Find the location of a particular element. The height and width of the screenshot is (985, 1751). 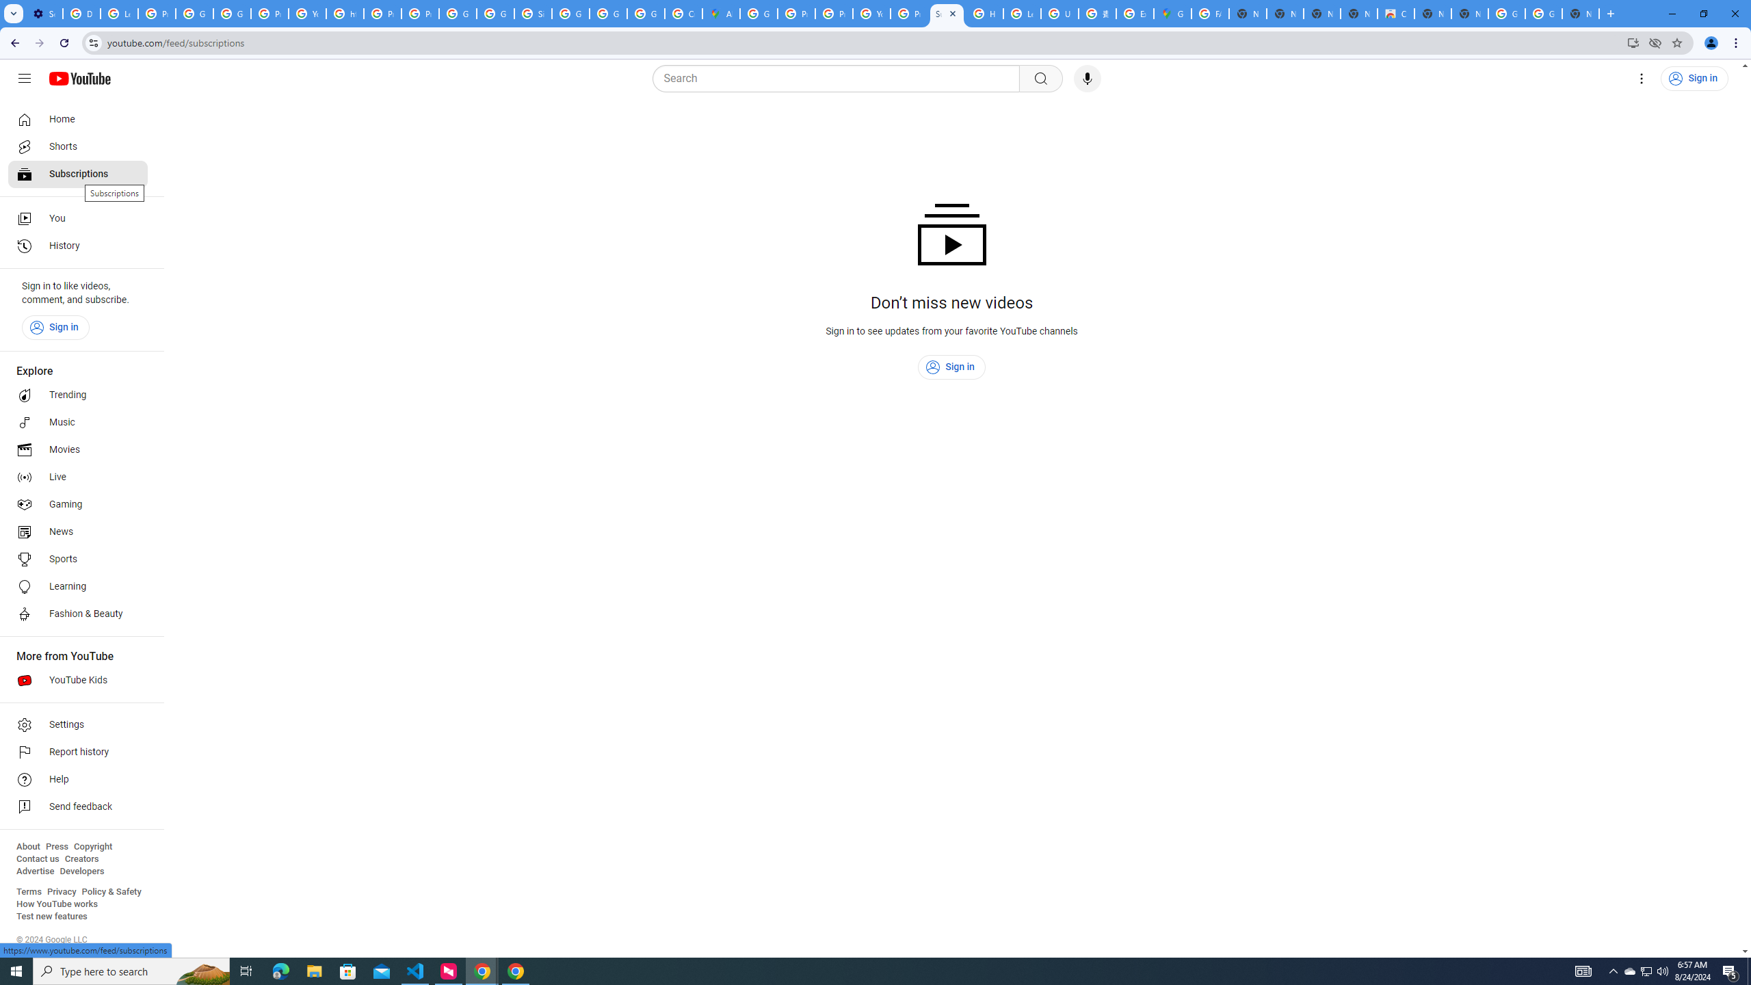

'Search with your voice' is located at coordinates (1087, 78).